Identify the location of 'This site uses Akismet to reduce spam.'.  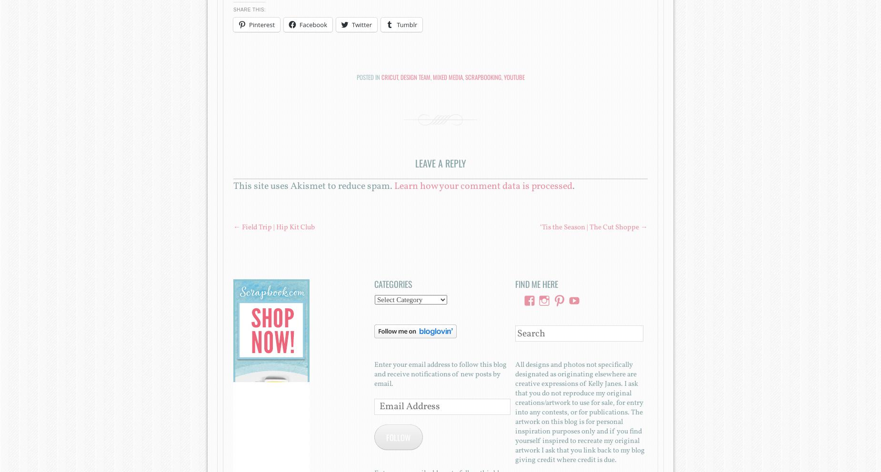
(233, 187).